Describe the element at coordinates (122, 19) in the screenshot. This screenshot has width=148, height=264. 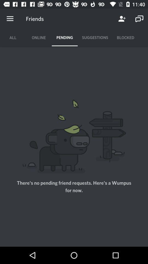
I see `the icon next to the friends item` at that location.